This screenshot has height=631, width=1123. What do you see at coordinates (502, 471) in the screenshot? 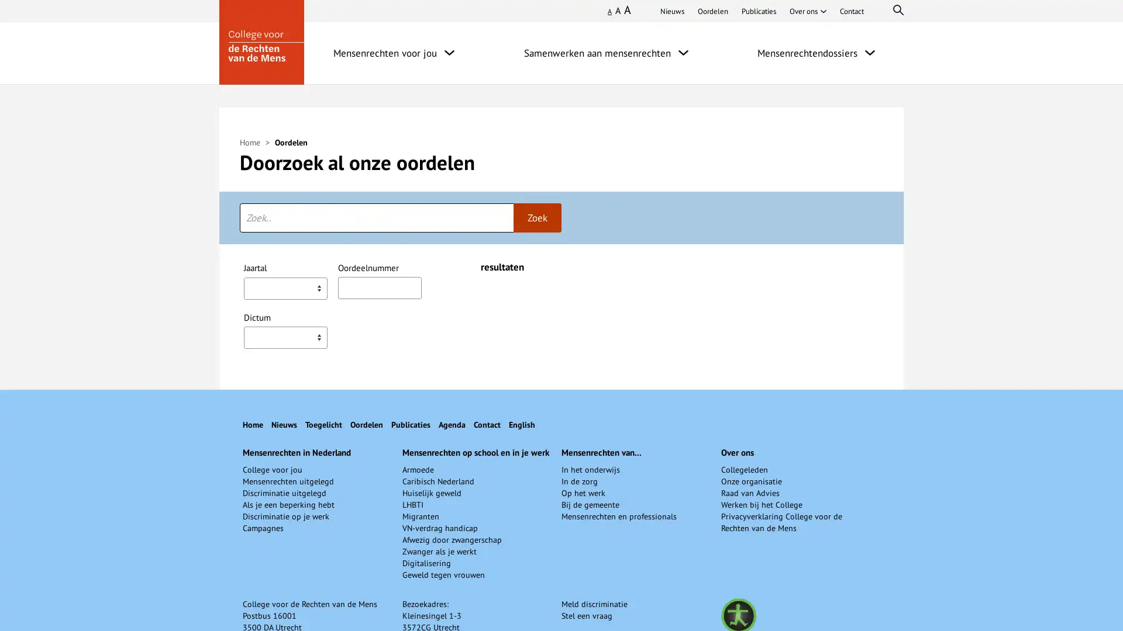
I see `Intimidatie,` at bounding box center [502, 471].